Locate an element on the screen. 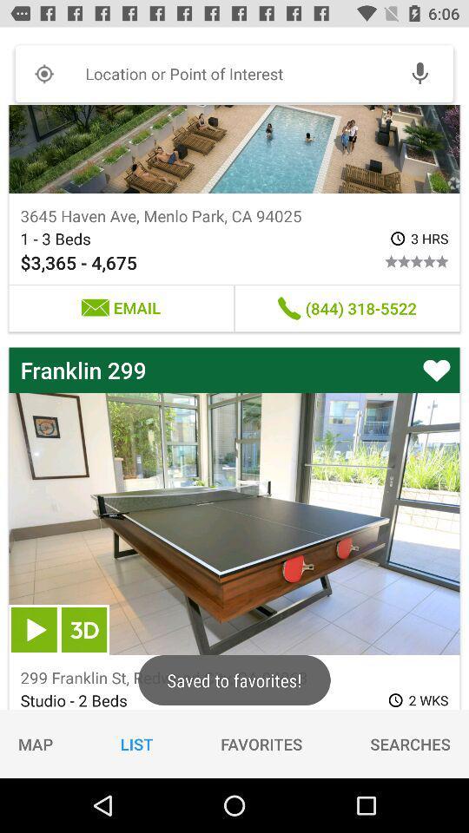 The height and width of the screenshot is (833, 469). the location_crosshair icon is located at coordinates (43, 74).